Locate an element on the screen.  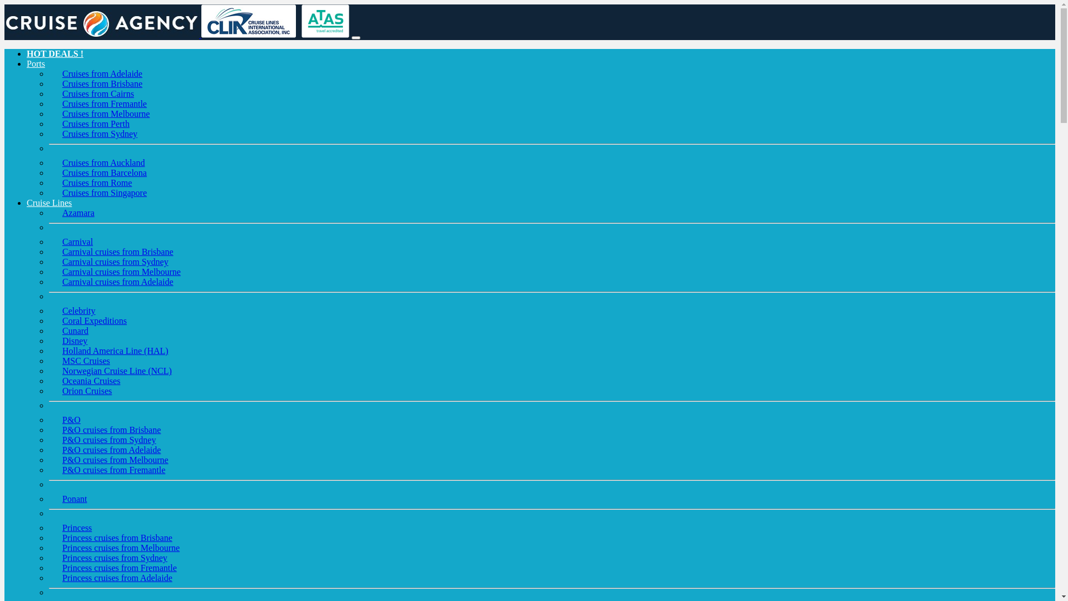
'Cruises from Barcelona' is located at coordinates (48, 173).